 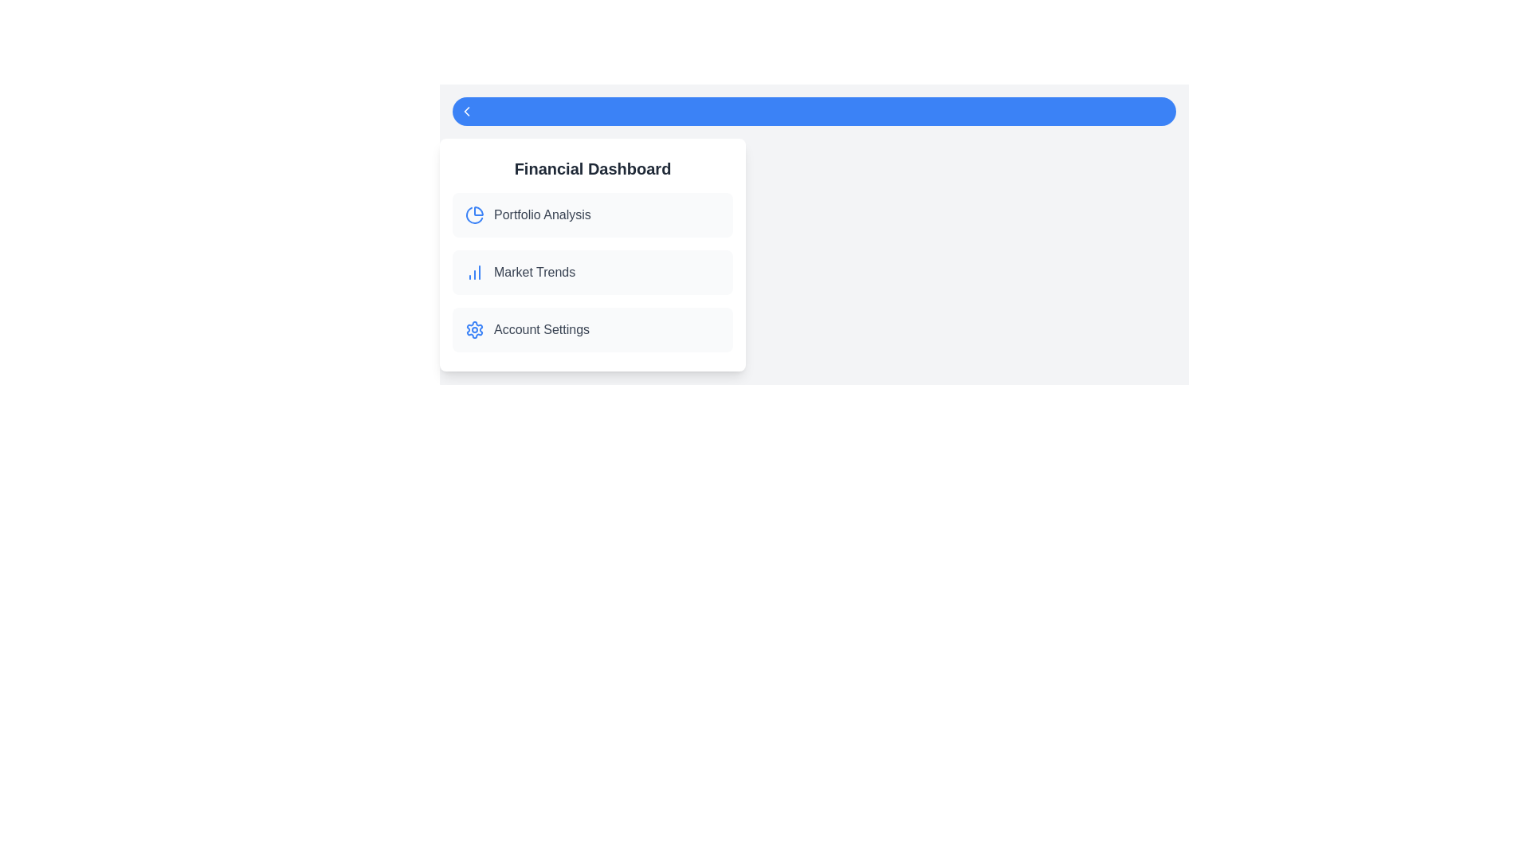 What do you see at coordinates (592, 215) in the screenshot?
I see `the 'Portfolio Analysis' panel` at bounding box center [592, 215].